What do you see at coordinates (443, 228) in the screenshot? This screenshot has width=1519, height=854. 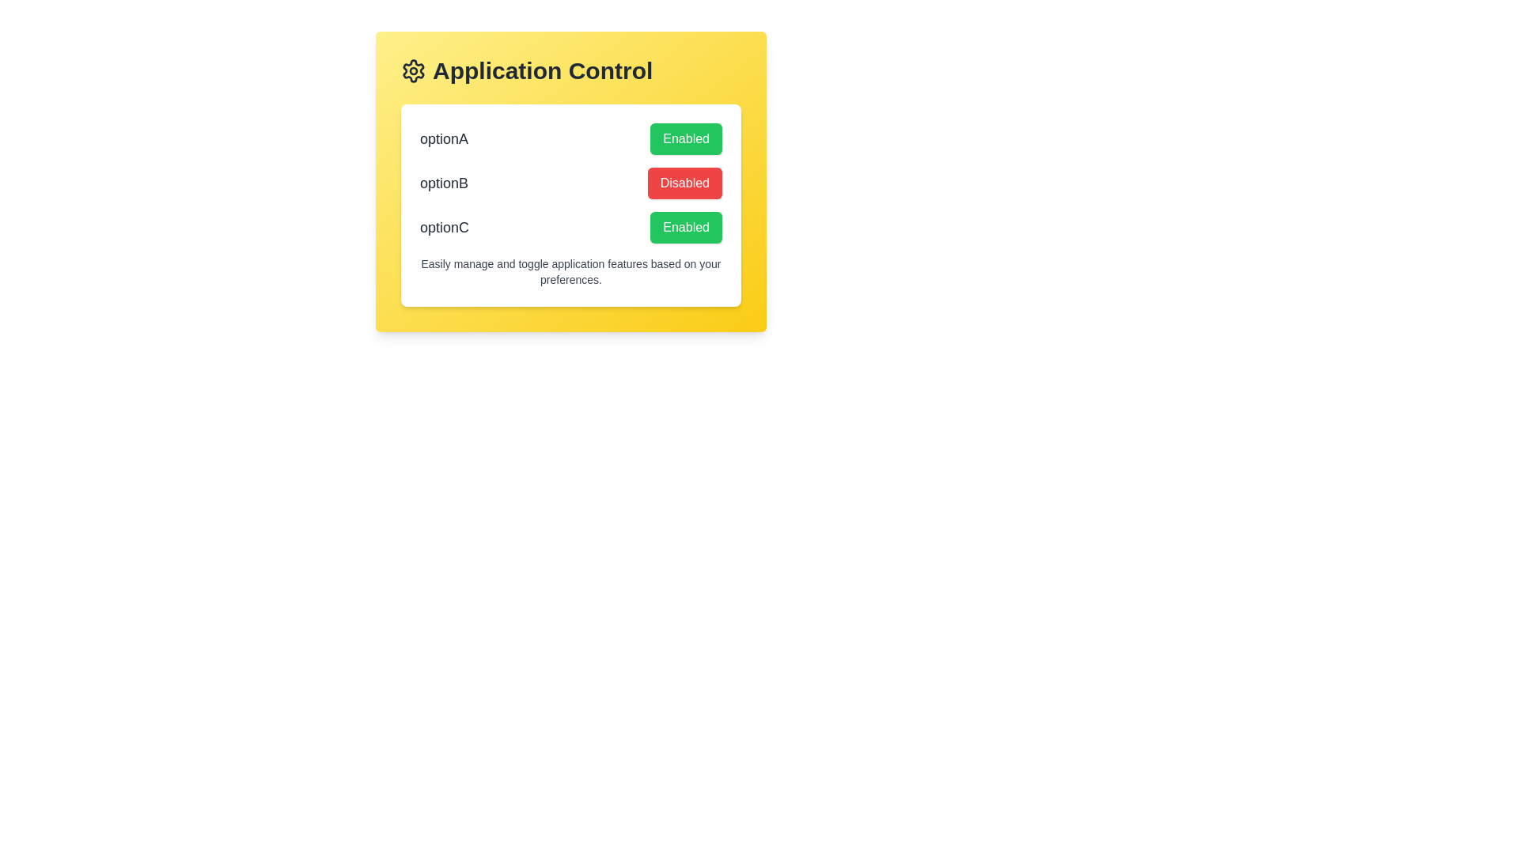 I see `the descriptive Text Label for the 'Enabled' toggle button in the 'Application Control' panel, located in the row labeled 'optionC'` at bounding box center [443, 228].